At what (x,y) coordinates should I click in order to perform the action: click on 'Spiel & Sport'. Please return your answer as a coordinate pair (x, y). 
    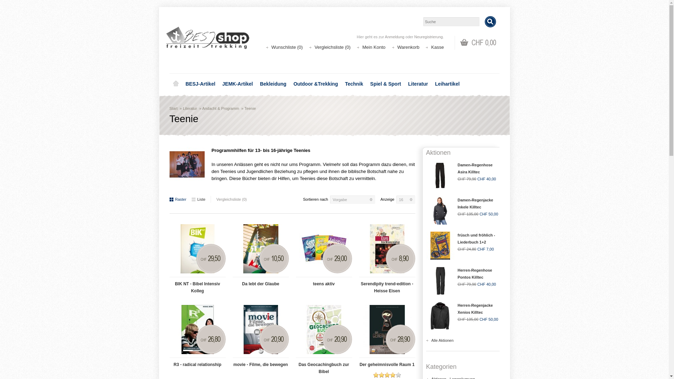
    Looking at the image, I should click on (366, 84).